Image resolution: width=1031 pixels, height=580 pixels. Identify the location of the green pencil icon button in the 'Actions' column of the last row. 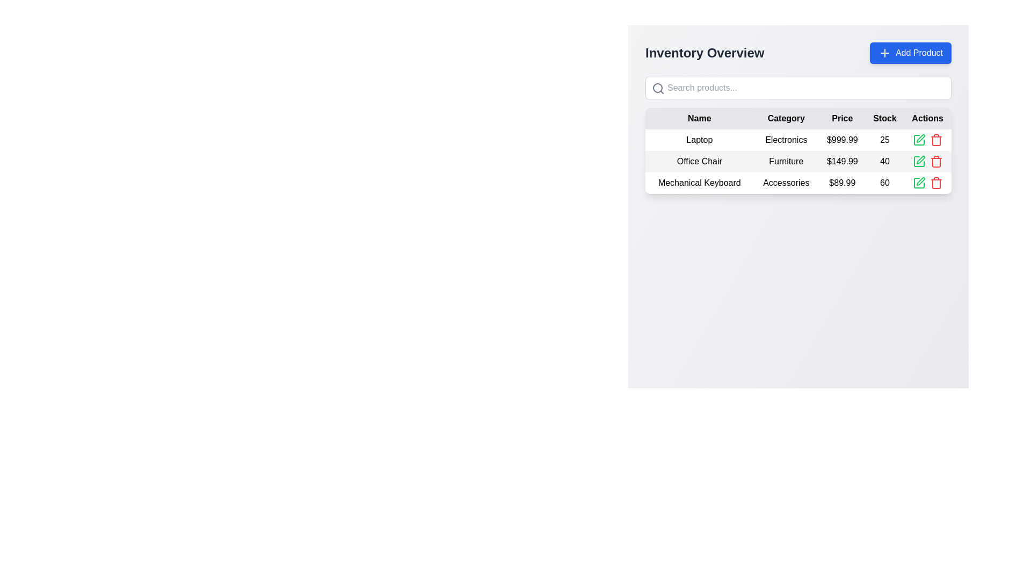
(918, 182).